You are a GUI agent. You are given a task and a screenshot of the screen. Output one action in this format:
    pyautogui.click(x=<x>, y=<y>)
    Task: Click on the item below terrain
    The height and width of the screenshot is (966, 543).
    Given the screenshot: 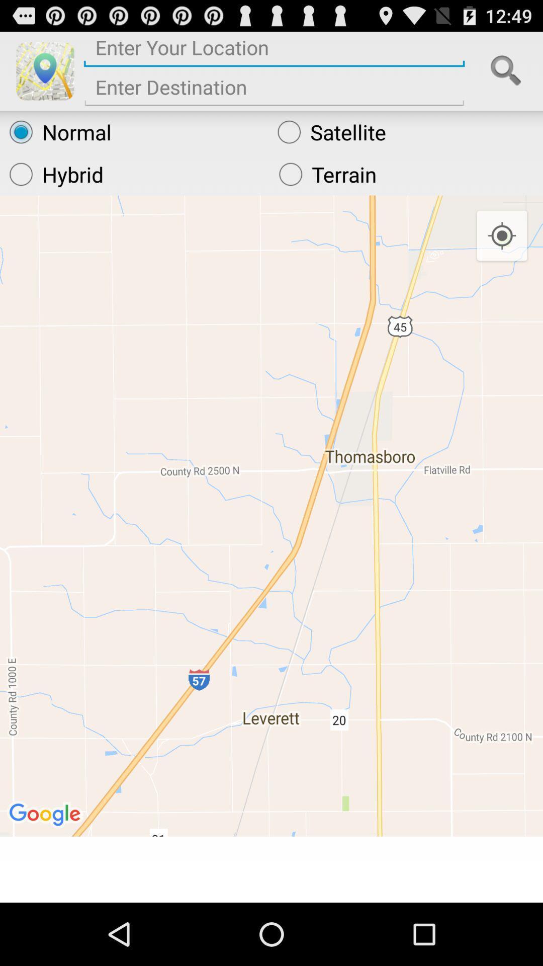 What is the action you would take?
    pyautogui.click(x=502, y=235)
    